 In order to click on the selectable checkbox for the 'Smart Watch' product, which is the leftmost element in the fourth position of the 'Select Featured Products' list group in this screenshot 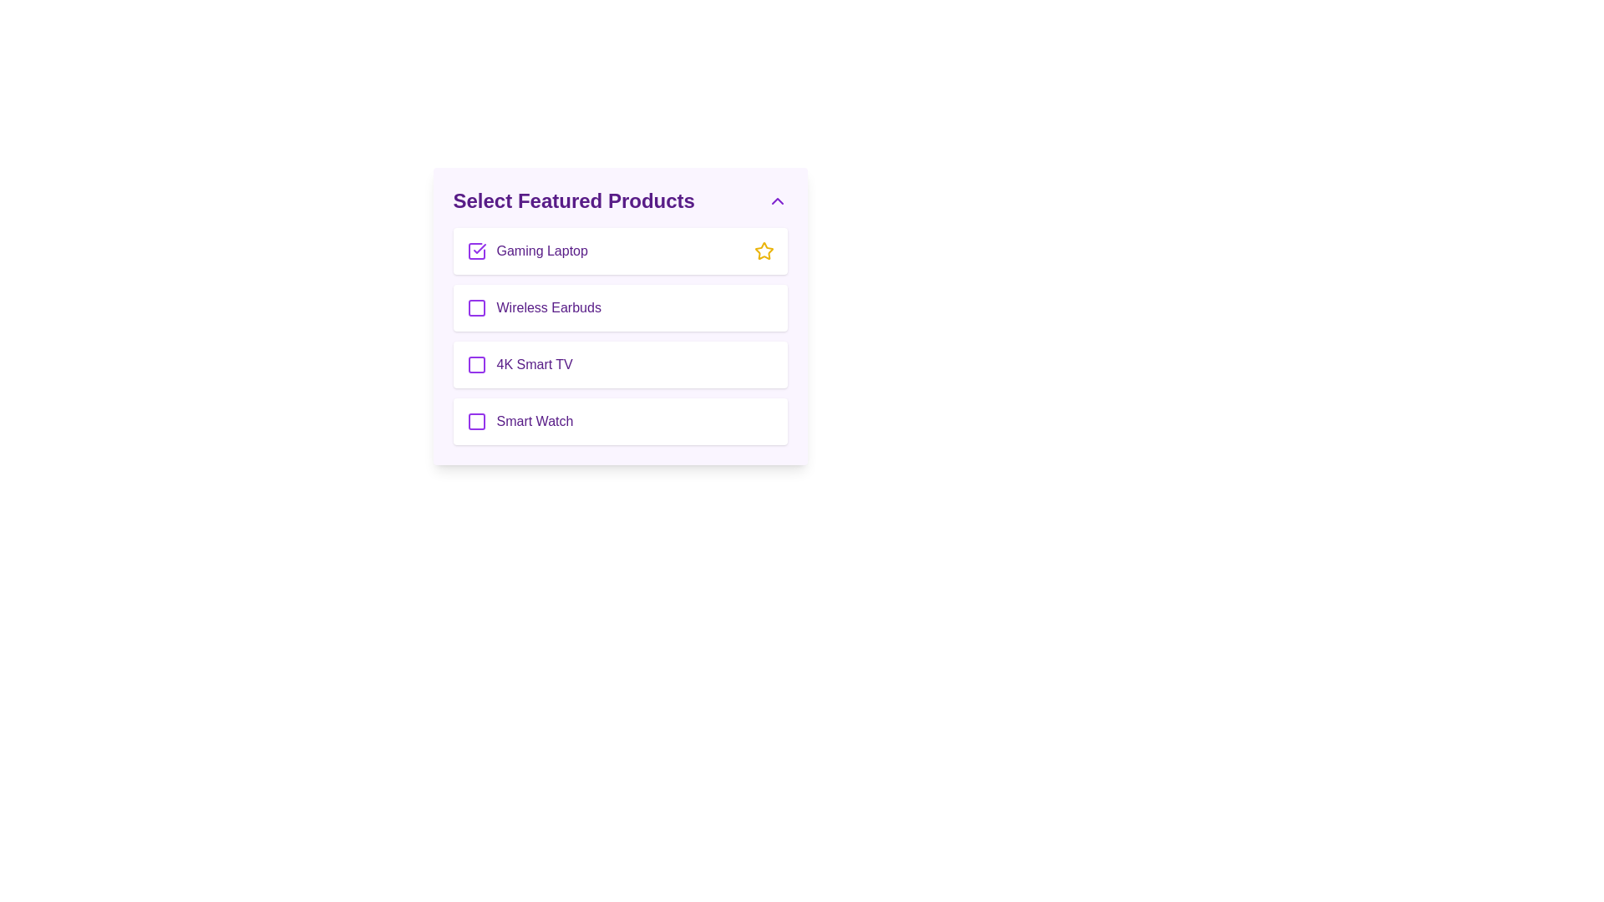, I will do `click(475, 421)`.